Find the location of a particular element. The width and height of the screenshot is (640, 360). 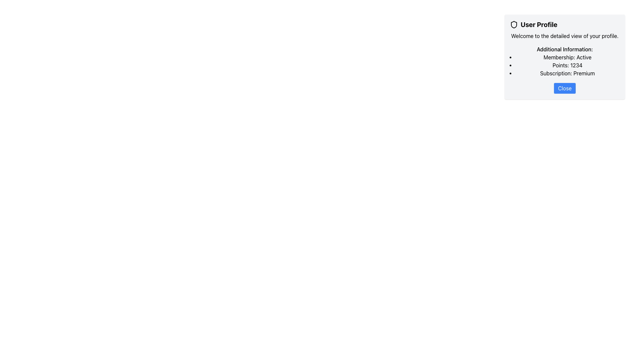

the 'Close' button at the bottom of the 'User Profile' card is located at coordinates (564, 88).